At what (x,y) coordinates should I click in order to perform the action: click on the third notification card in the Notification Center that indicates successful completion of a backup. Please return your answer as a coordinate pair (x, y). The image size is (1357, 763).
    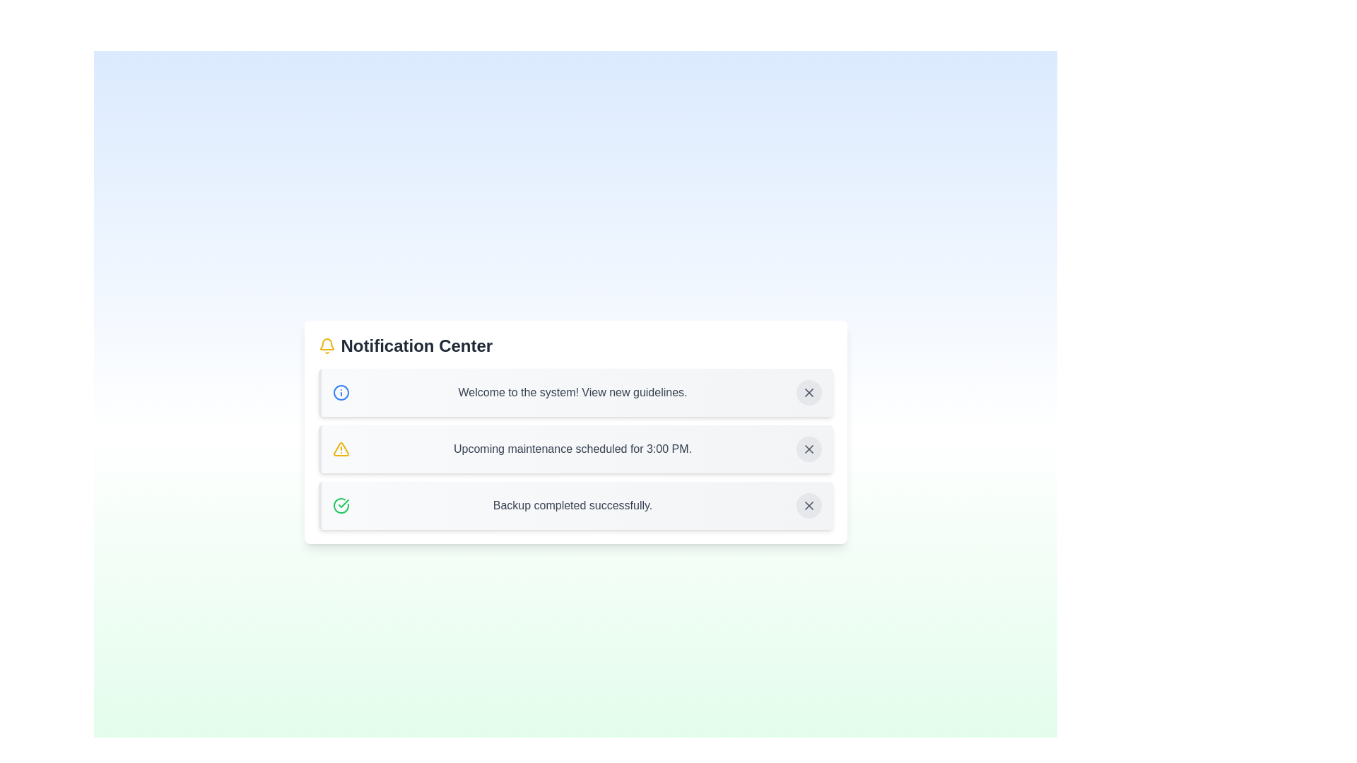
    Looking at the image, I should click on (575, 505).